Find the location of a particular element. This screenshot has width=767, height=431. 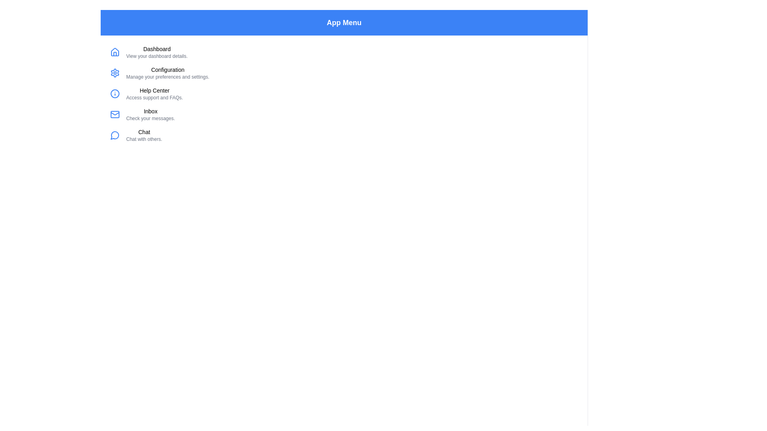

the Textual menu item, which is the first option in the vertical menu layout is located at coordinates (157, 52).